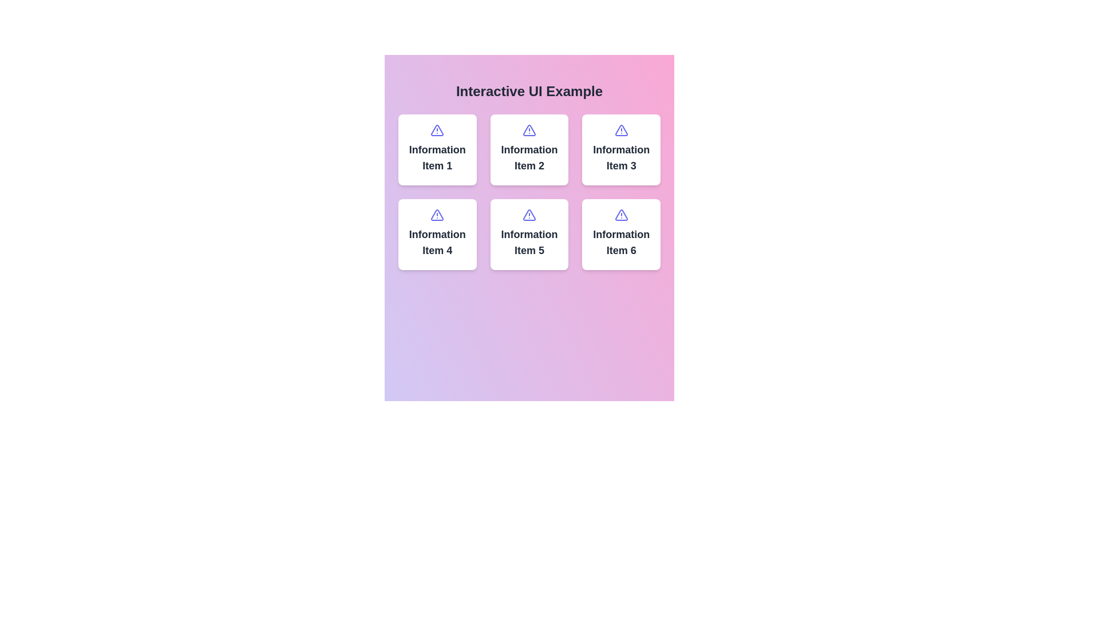 The image size is (1099, 618). What do you see at coordinates (437, 158) in the screenshot?
I see `the Text label that serves as a descriptive title for the top-left card in a 3x2 grid layout` at bounding box center [437, 158].